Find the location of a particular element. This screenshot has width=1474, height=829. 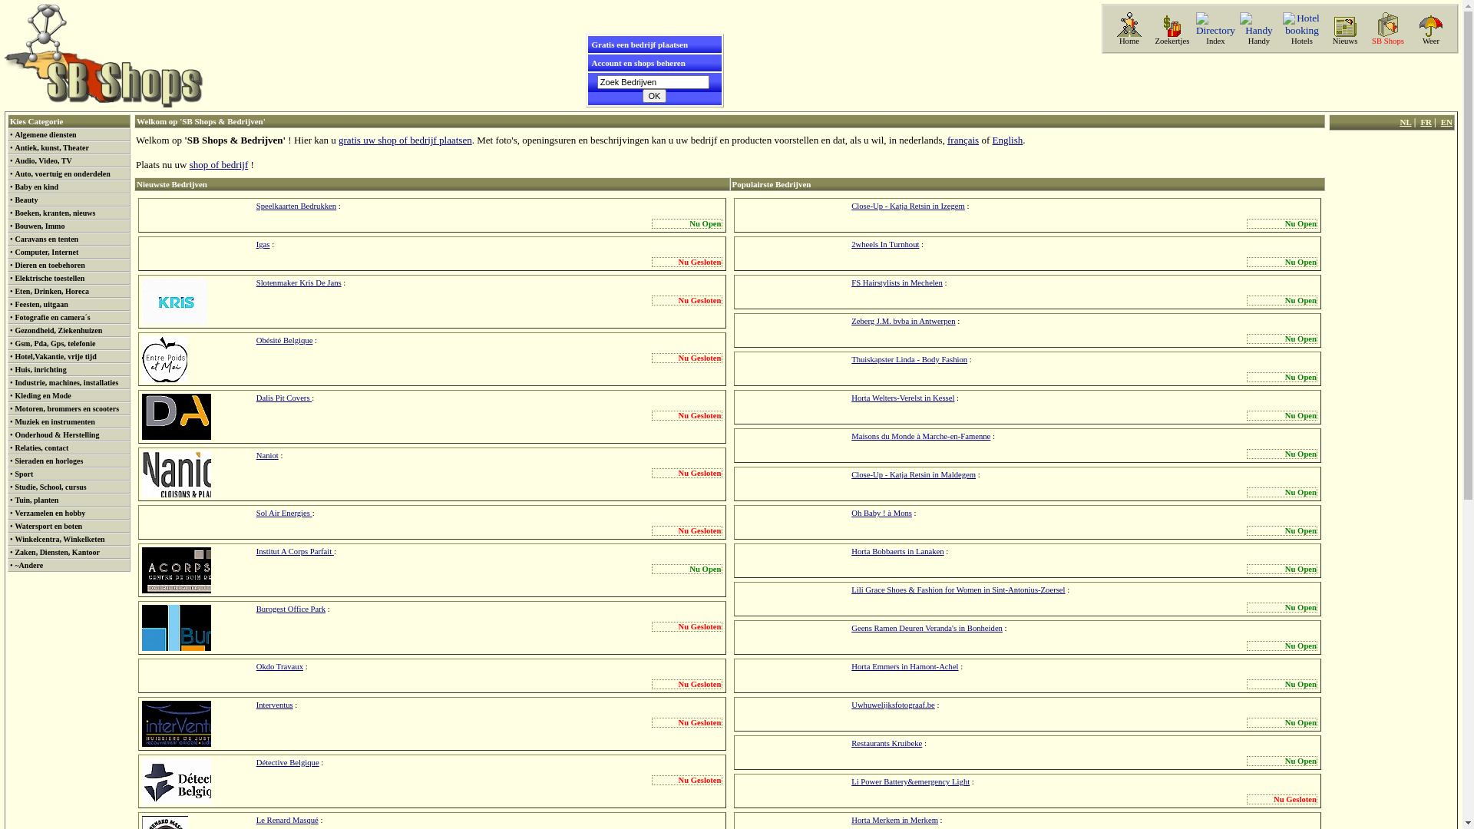

'Verzamelen en hobby' is located at coordinates (50, 513).